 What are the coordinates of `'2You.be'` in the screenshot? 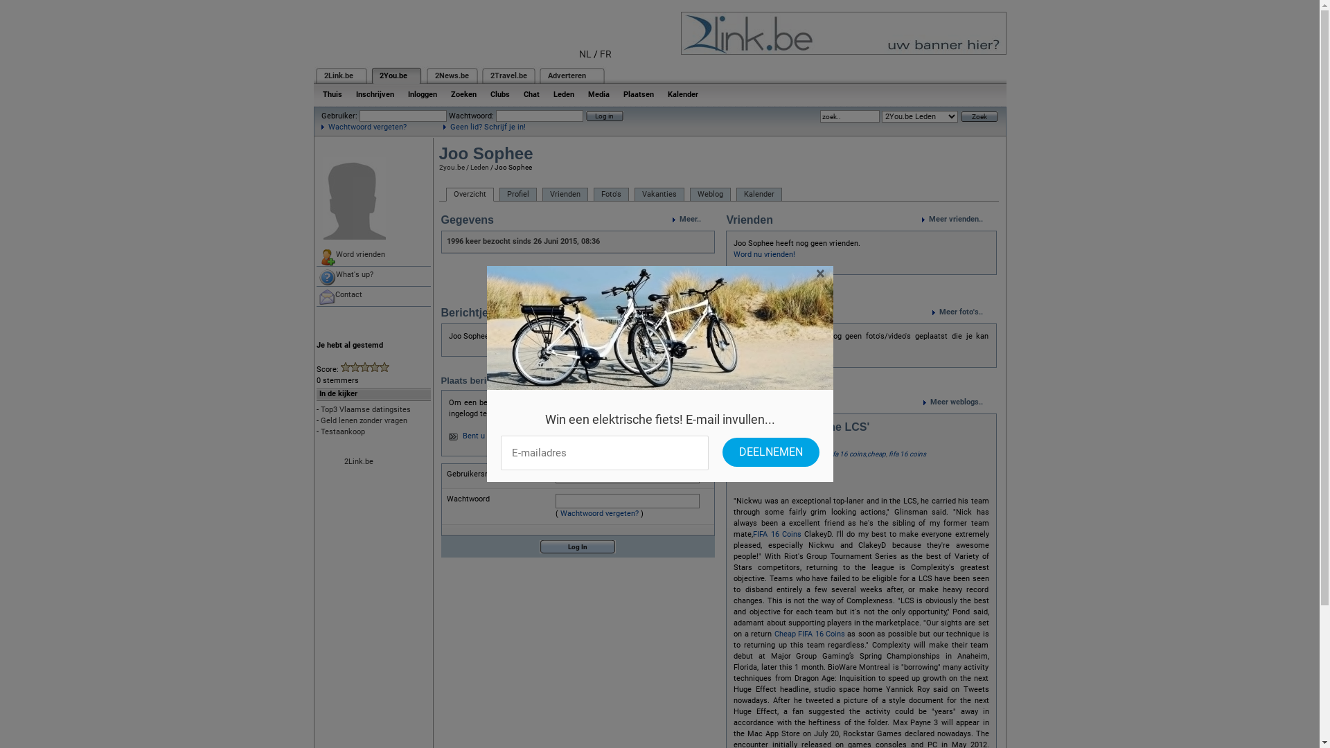 It's located at (392, 75).